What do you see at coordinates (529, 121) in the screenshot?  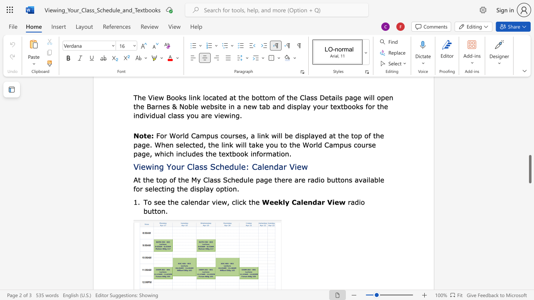 I see `the scrollbar on the right to move the page upward` at bounding box center [529, 121].